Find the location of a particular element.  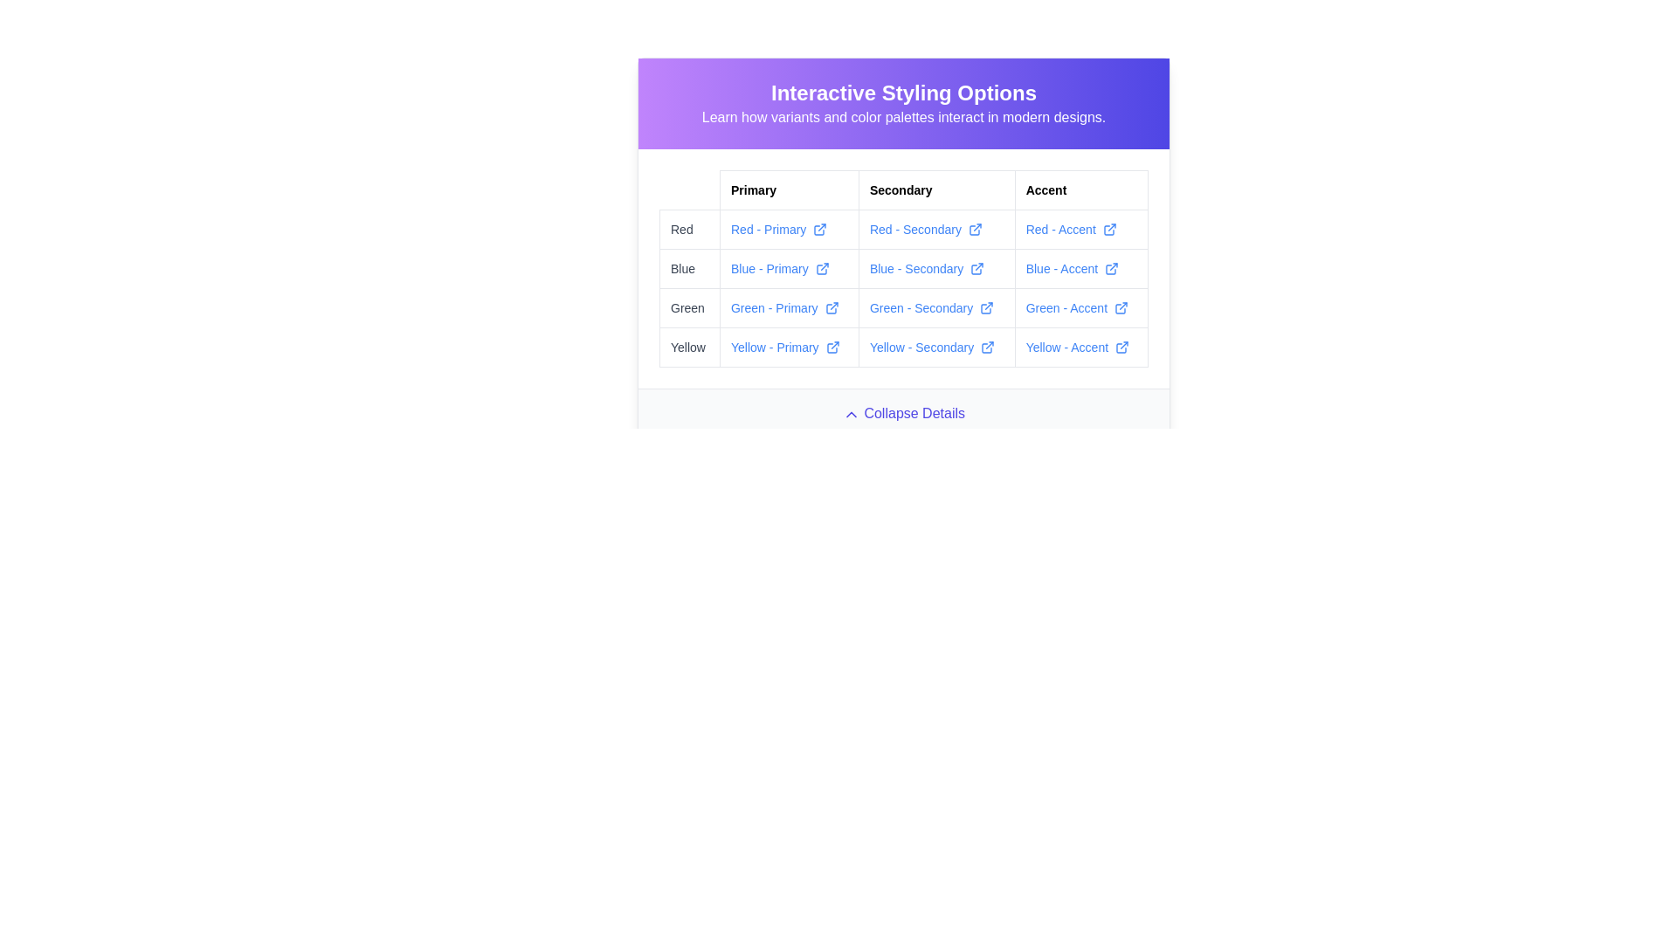

the hyperlink displaying 'Green - Secondary', which is styled as a link with a blue color and an underline when hovered over, located in the third row and second column of the grid is located at coordinates (904, 307).